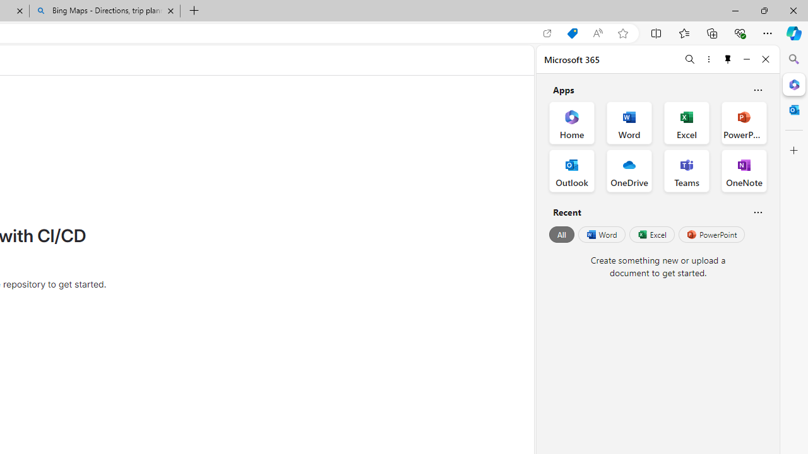  I want to click on 'Excel', so click(651, 235).